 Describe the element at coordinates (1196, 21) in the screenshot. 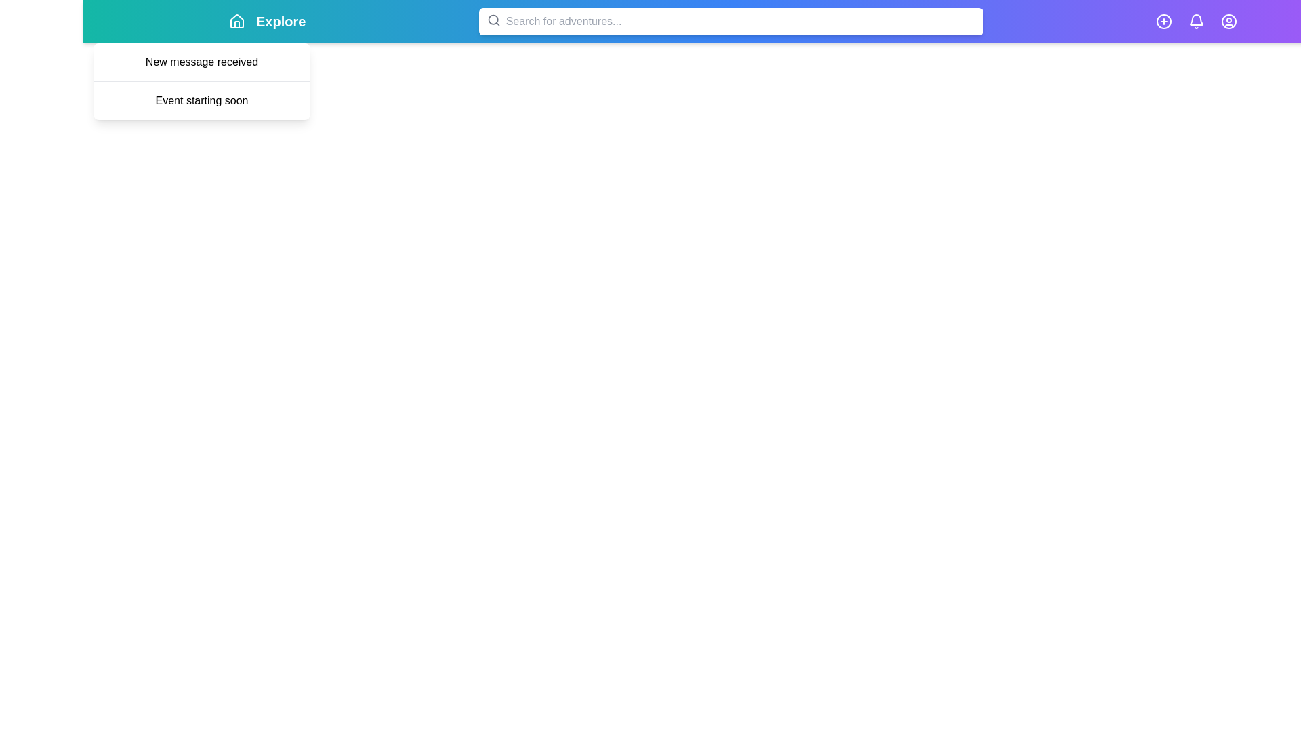

I see `bell icon to toggle the notifications panel` at that location.